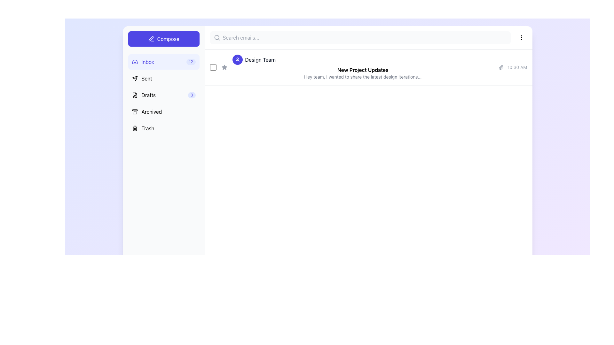 The height and width of the screenshot is (345, 614). I want to click on the trash bin icon in the left navigation bar, which is styled with a light stroke weight and rounded line caps and joins, representing the trash or recycle bin functionality, so click(134, 128).